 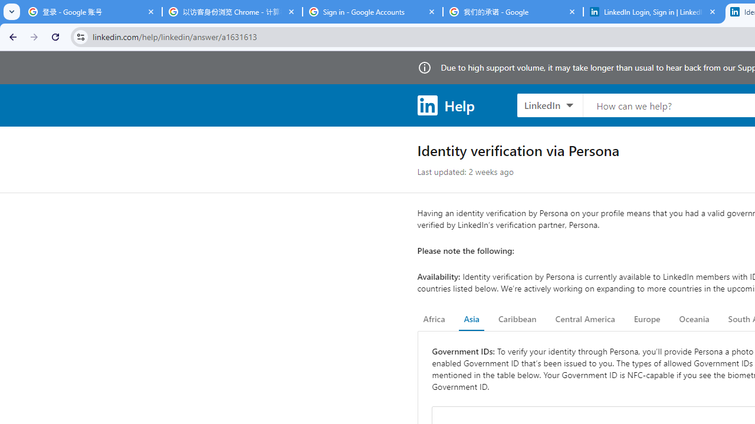 What do you see at coordinates (434, 319) in the screenshot?
I see `'Africa'` at bounding box center [434, 319].